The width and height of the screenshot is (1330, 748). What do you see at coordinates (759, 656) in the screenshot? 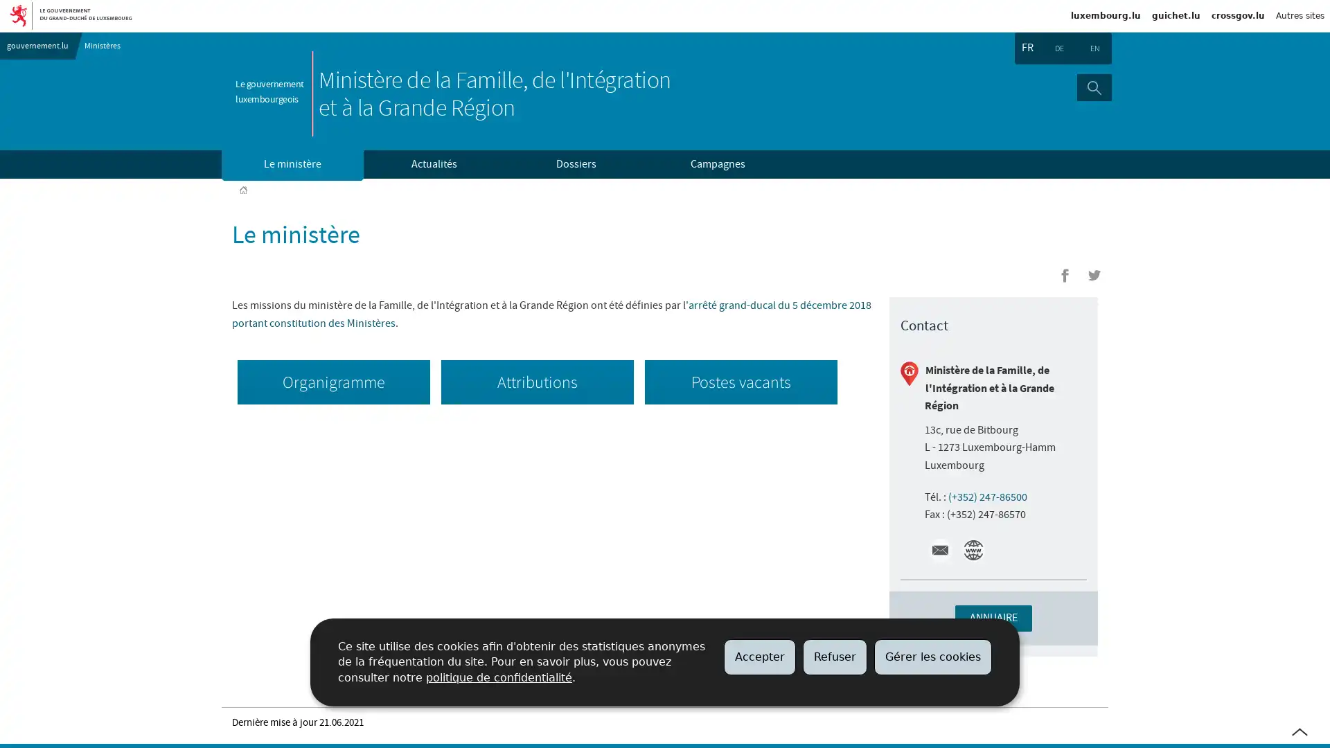
I see `Accepter` at bounding box center [759, 656].